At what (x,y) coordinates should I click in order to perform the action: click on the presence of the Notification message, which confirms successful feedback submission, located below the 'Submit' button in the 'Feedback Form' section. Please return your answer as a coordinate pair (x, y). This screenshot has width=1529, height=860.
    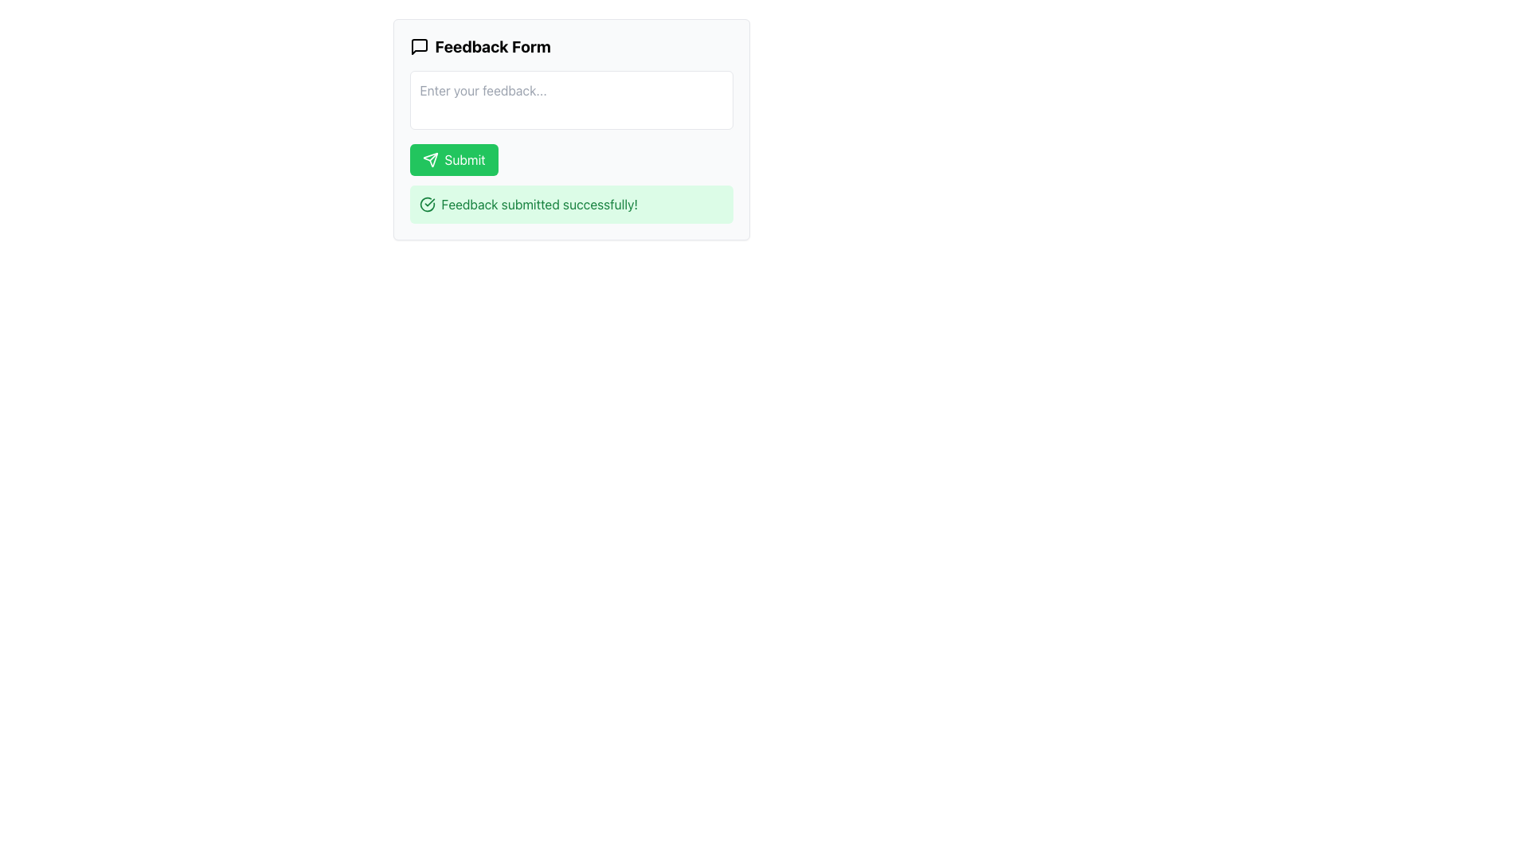
    Looking at the image, I should click on (571, 204).